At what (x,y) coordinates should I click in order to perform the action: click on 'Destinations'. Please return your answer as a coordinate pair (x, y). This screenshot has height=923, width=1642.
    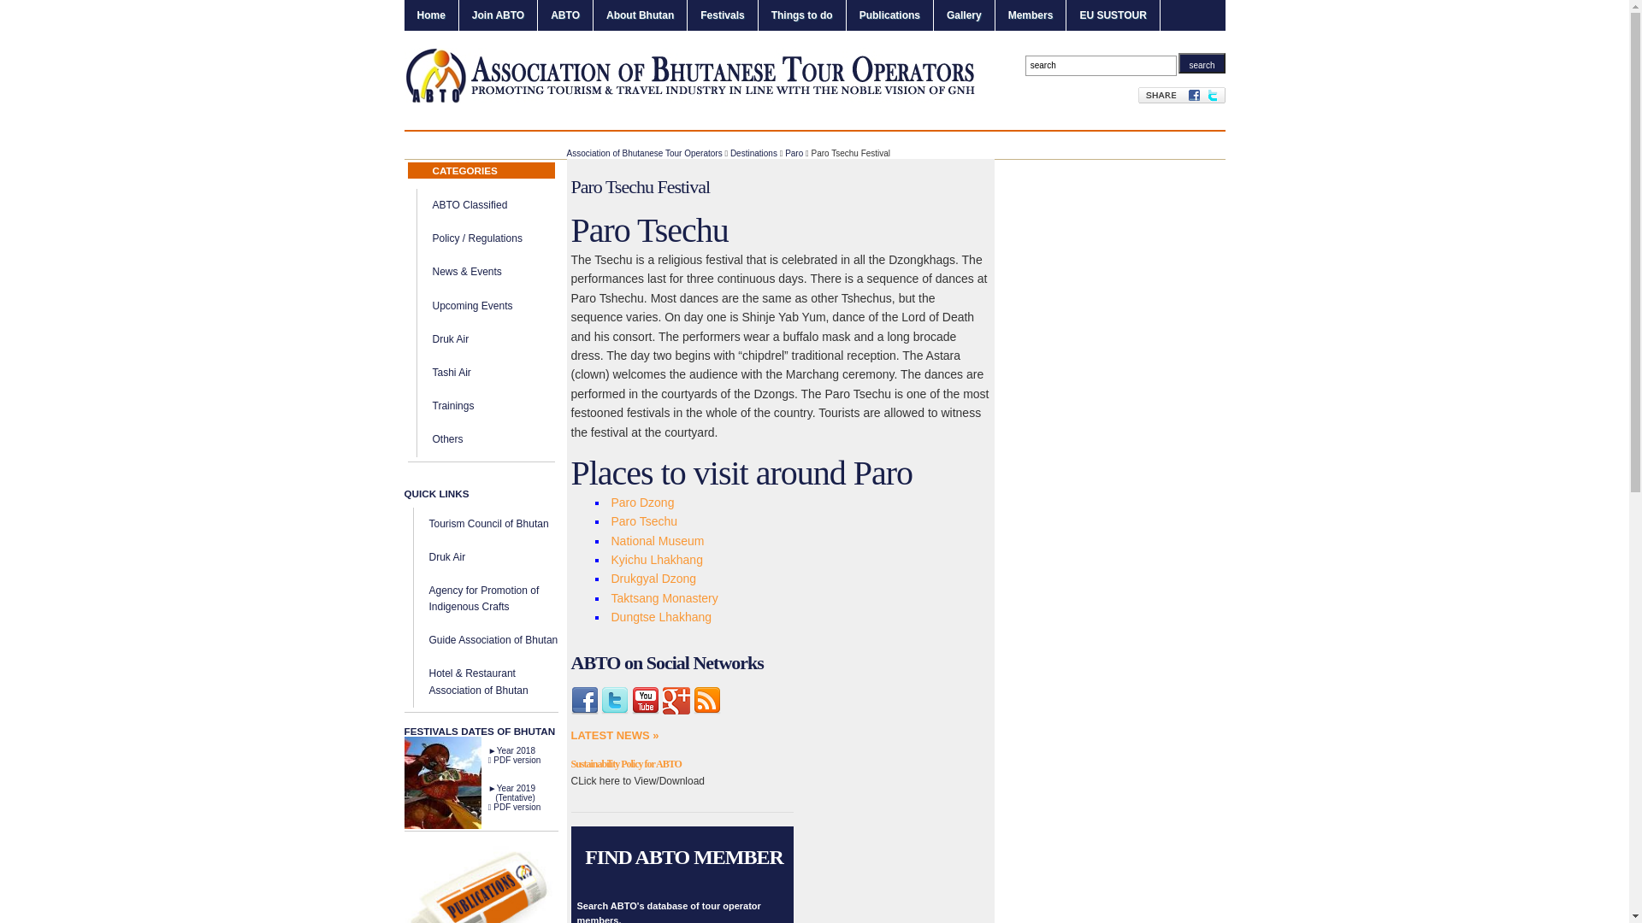
    Looking at the image, I should click on (753, 152).